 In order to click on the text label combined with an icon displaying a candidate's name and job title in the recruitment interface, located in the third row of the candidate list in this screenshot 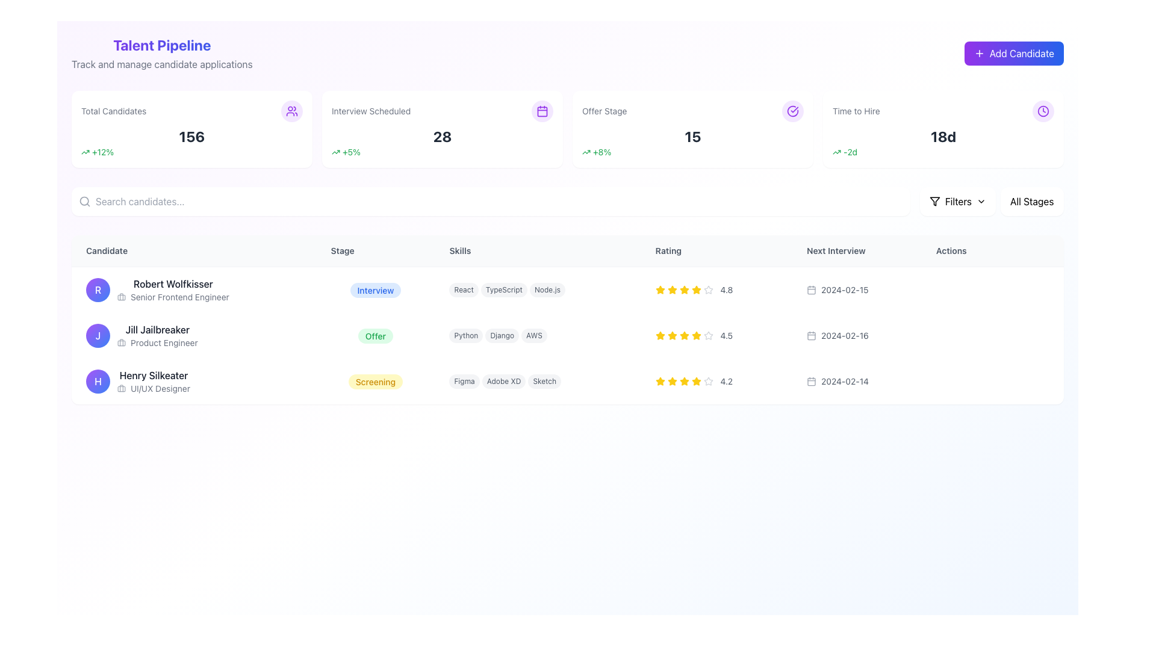, I will do `click(153, 381)`.